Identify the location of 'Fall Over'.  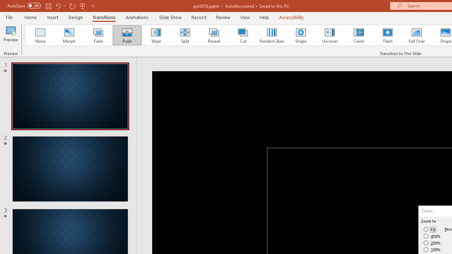
(417, 35).